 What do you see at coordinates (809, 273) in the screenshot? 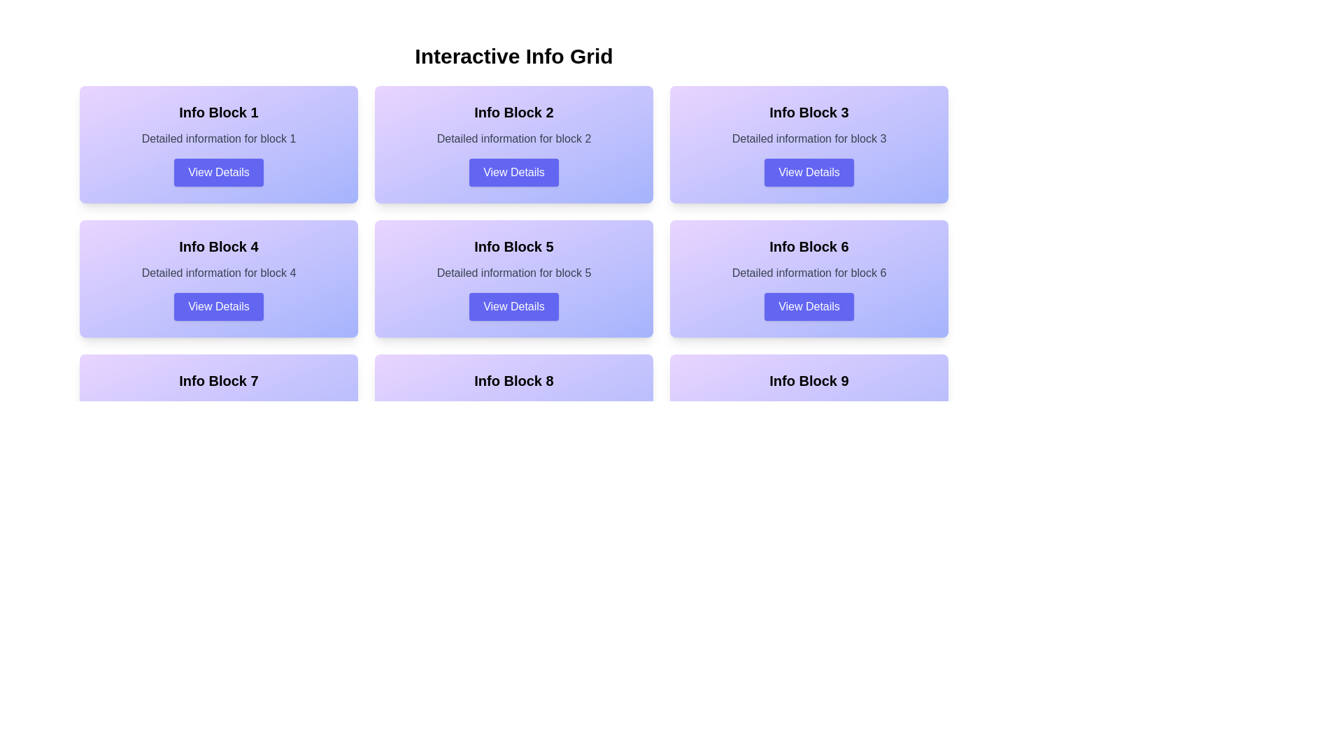
I see `the static text component that reads 'Detailed information for block 6', which is styled in gray font and located below the header 'Info Block 6'` at bounding box center [809, 273].